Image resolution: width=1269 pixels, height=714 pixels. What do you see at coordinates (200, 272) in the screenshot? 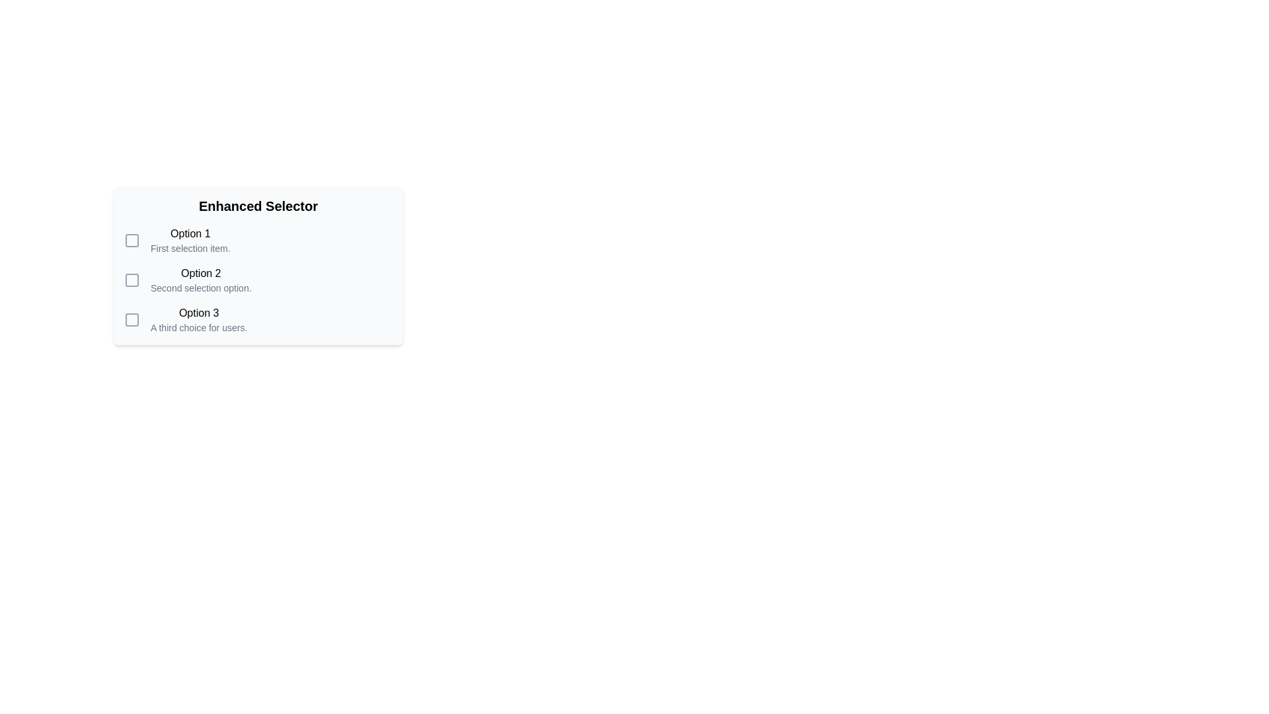
I see `the Text label that serves as the title for the second selection option in the 'Enhanced Selector' interface, positioned above the description text and next to the associated checkbox` at bounding box center [200, 272].